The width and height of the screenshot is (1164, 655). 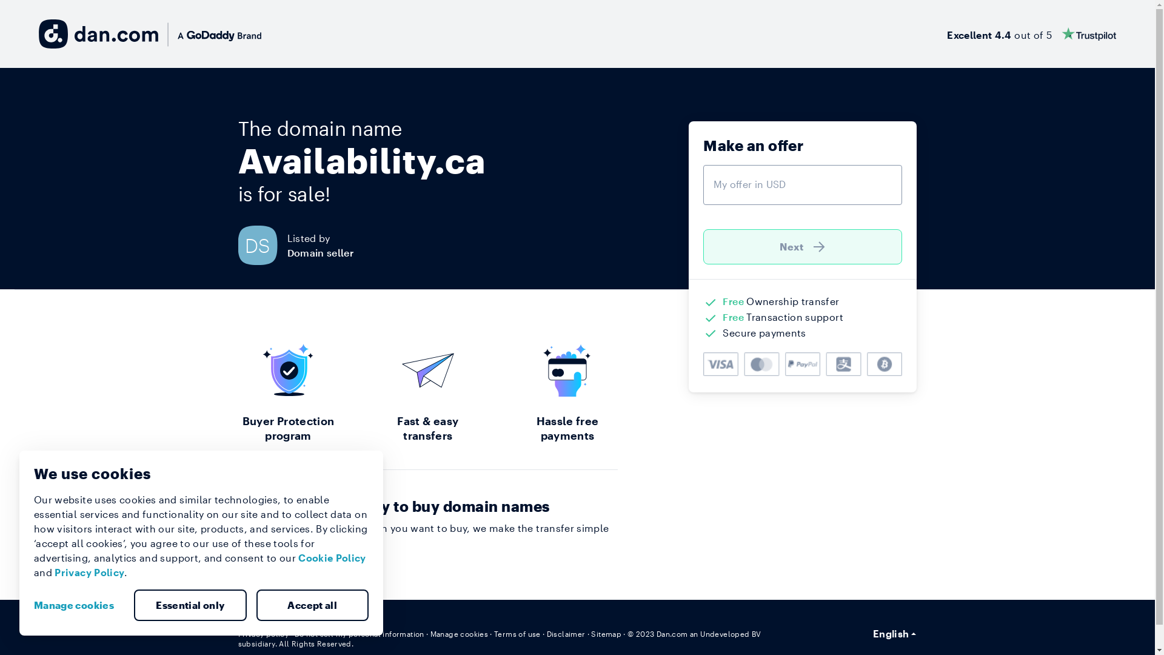 I want to click on 'Manage cookies', so click(x=459, y=633).